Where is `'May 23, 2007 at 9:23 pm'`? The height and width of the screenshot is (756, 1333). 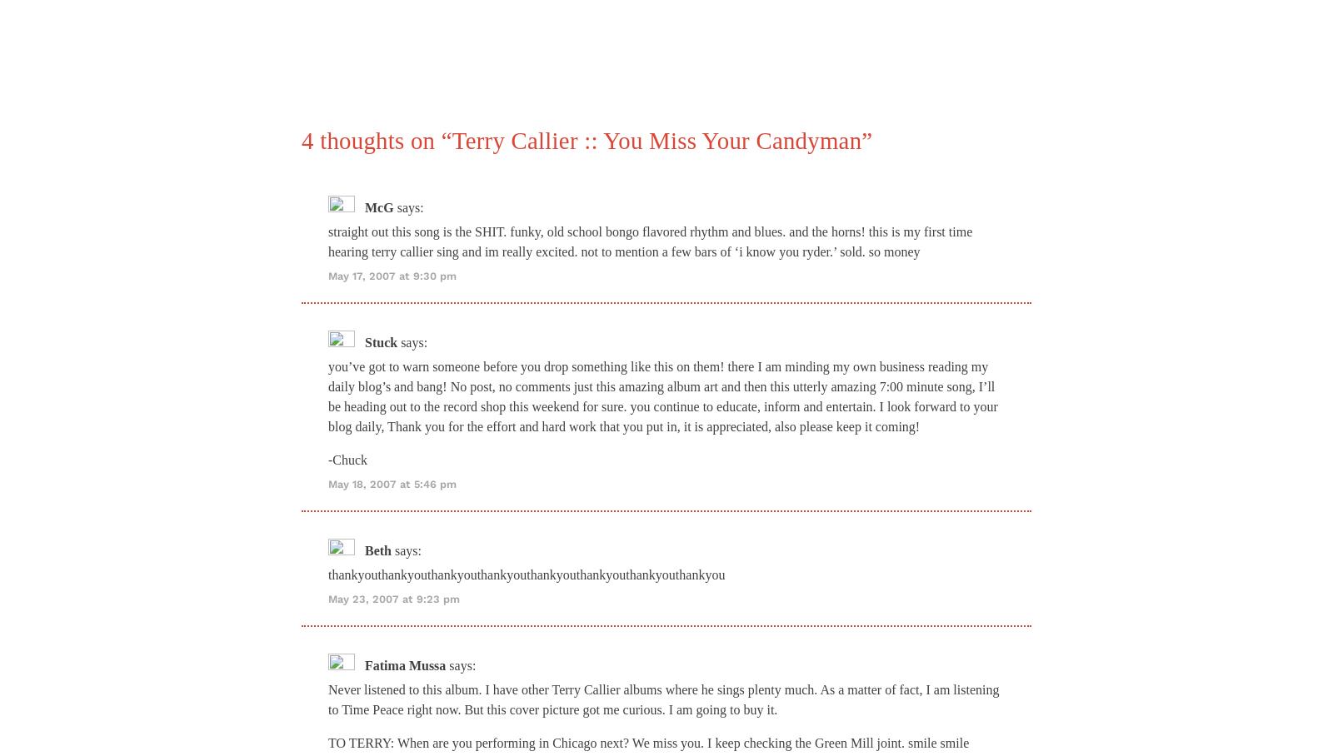
'May 23, 2007 at 9:23 pm' is located at coordinates (392, 597).